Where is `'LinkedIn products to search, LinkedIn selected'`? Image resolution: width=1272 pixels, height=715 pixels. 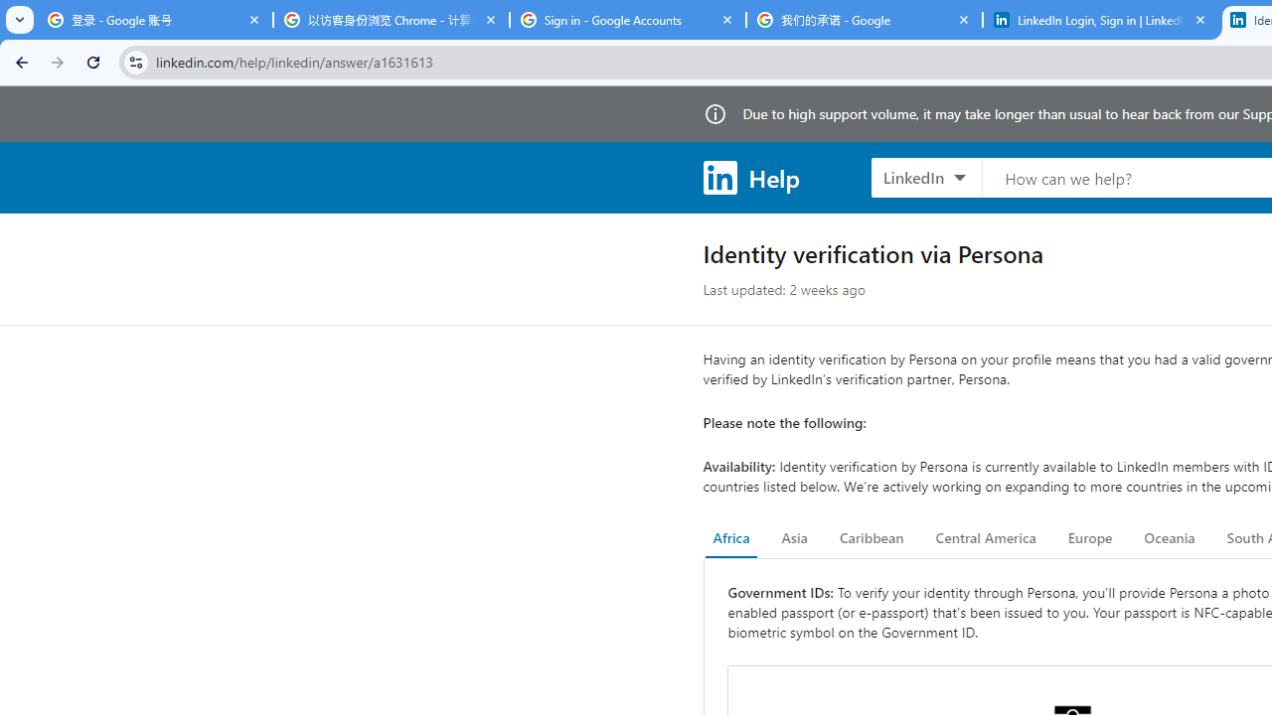
'LinkedIn products to search, LinkedIn selected' is located at coordinates (925, 176).